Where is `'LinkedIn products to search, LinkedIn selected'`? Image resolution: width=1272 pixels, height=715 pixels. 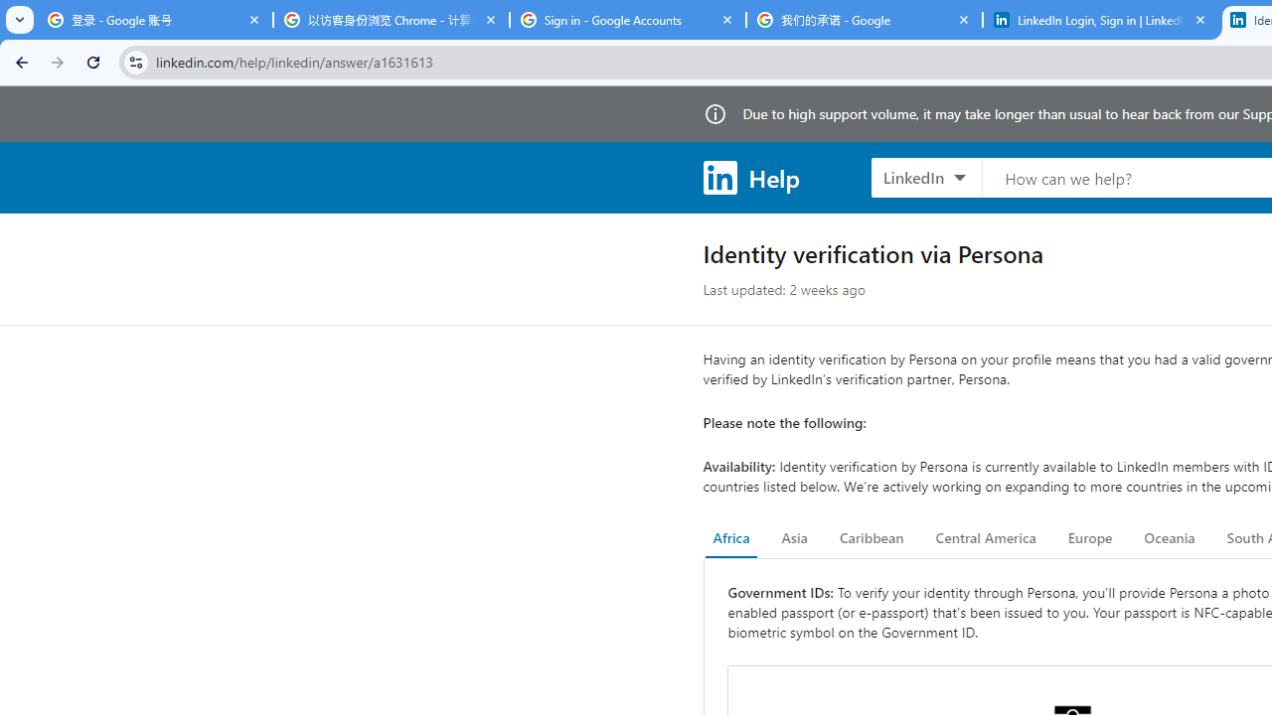
'LinkedIn products to search, LinkedIn selected' is located at coordinates (925, 176).